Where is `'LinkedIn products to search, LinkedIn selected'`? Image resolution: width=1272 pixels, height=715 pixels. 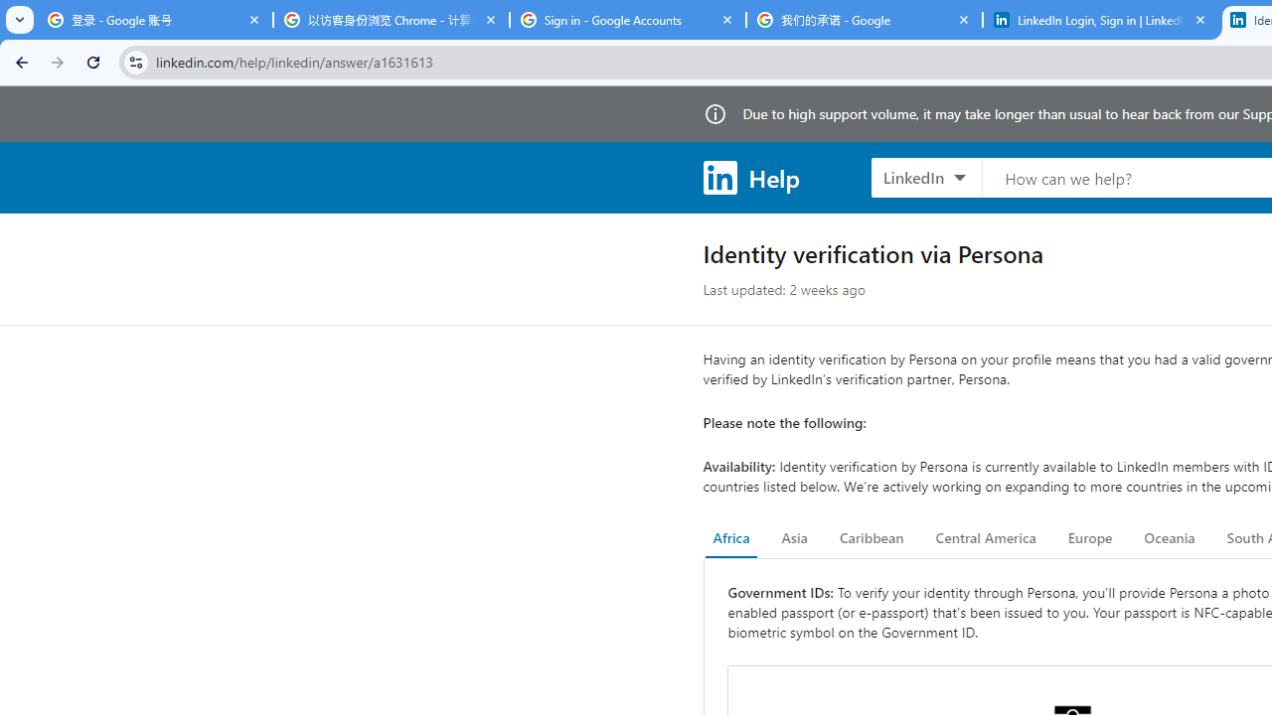
'LinkedIn products to search, LinkedIn selected' is located at coordinates (925, 176).